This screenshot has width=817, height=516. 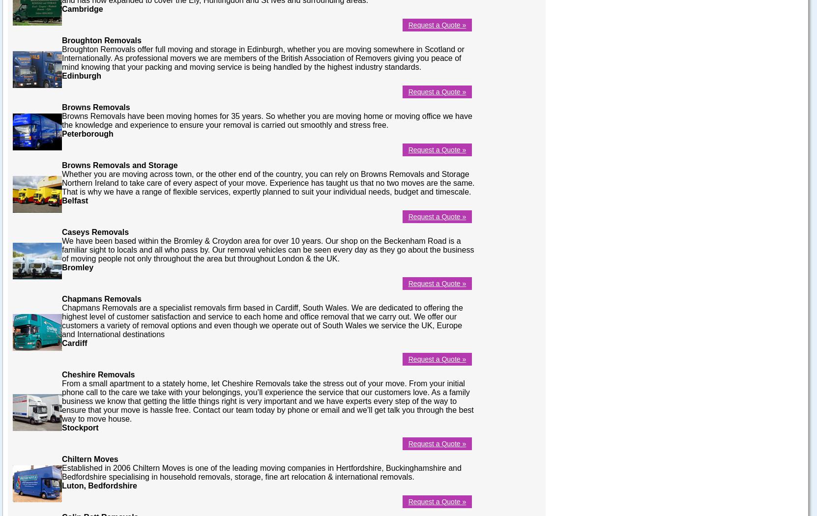 What do you see at coordinates (82, 8) in the screenshot?
I see `'Cambridge'` at bounding box center [82, 8].